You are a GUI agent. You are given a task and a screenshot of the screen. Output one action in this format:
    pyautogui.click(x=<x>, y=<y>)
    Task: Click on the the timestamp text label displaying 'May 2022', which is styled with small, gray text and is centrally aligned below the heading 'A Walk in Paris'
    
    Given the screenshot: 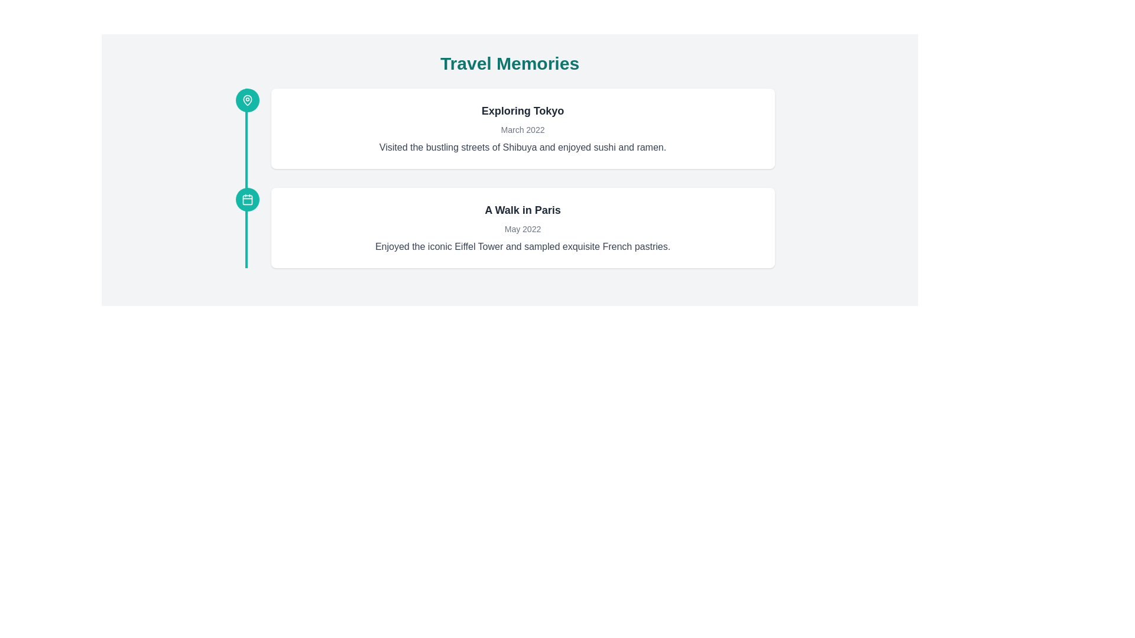 What is the action you would take?
    pyautogui.click(x=522, y=229)
    